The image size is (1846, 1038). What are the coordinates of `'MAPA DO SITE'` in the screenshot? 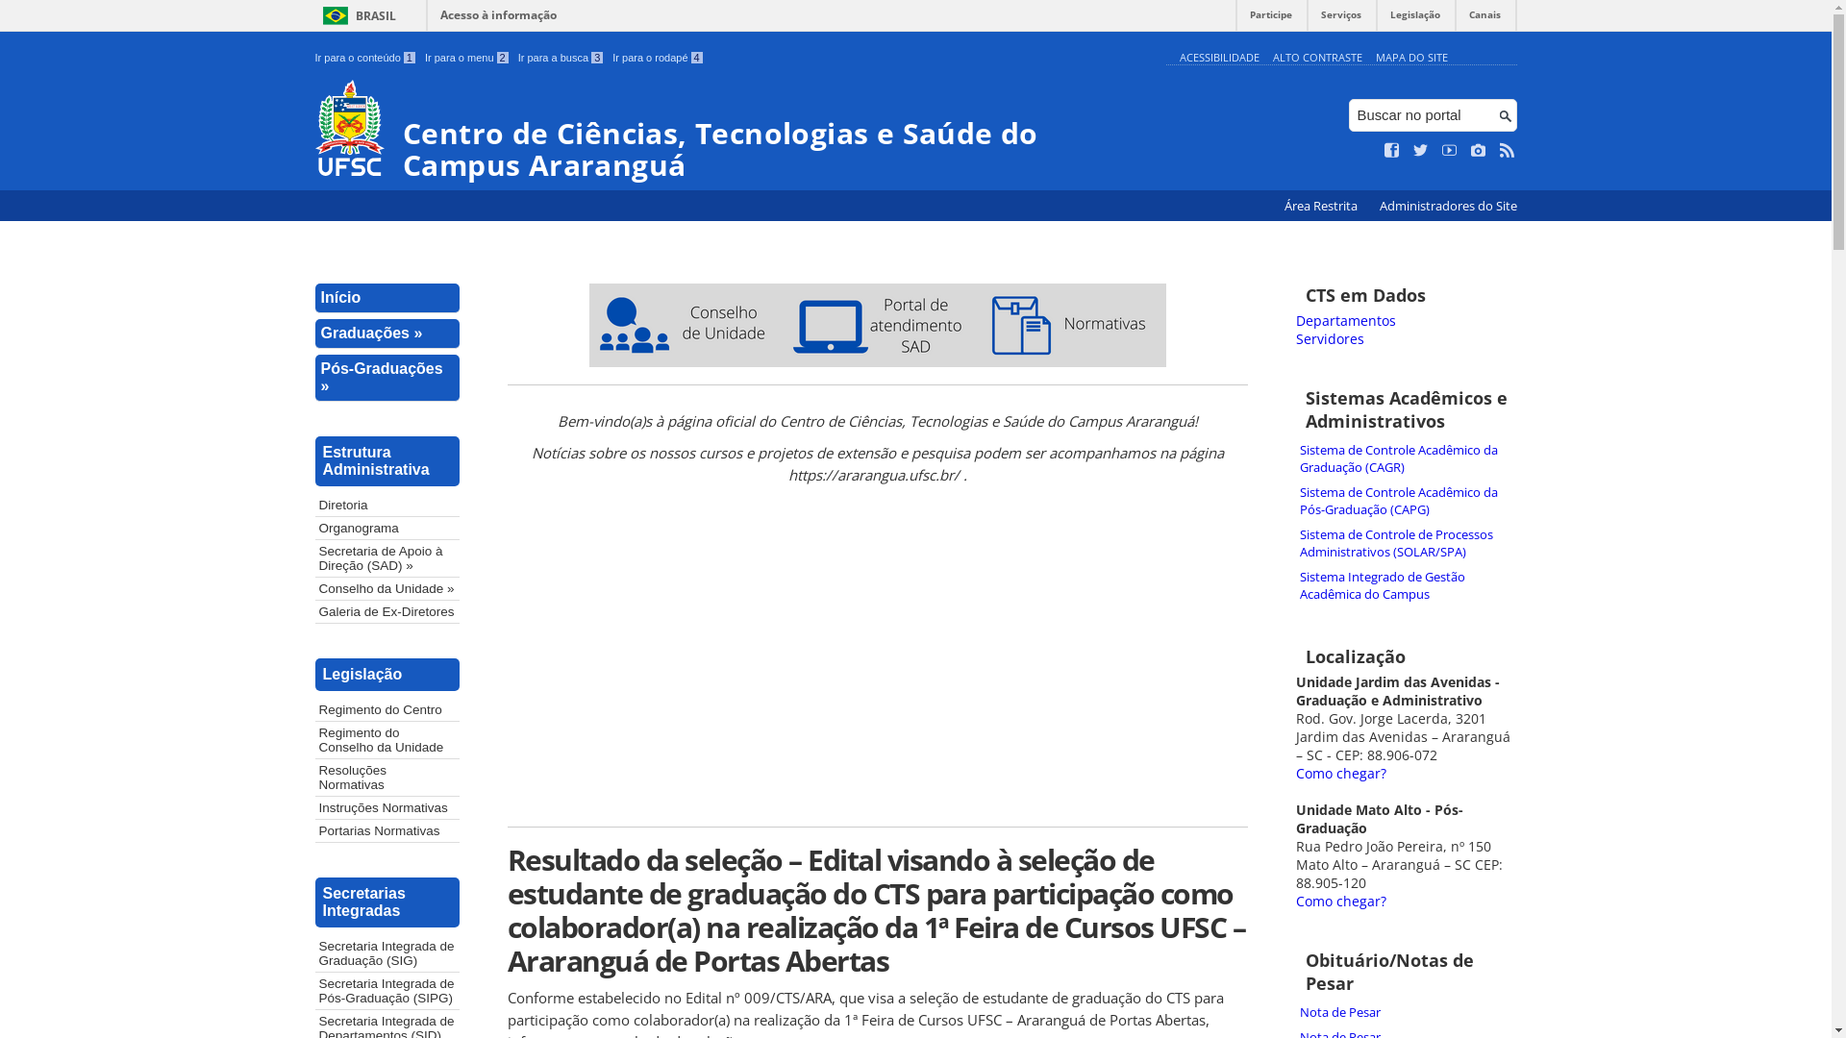 It's located at (1410, 56).